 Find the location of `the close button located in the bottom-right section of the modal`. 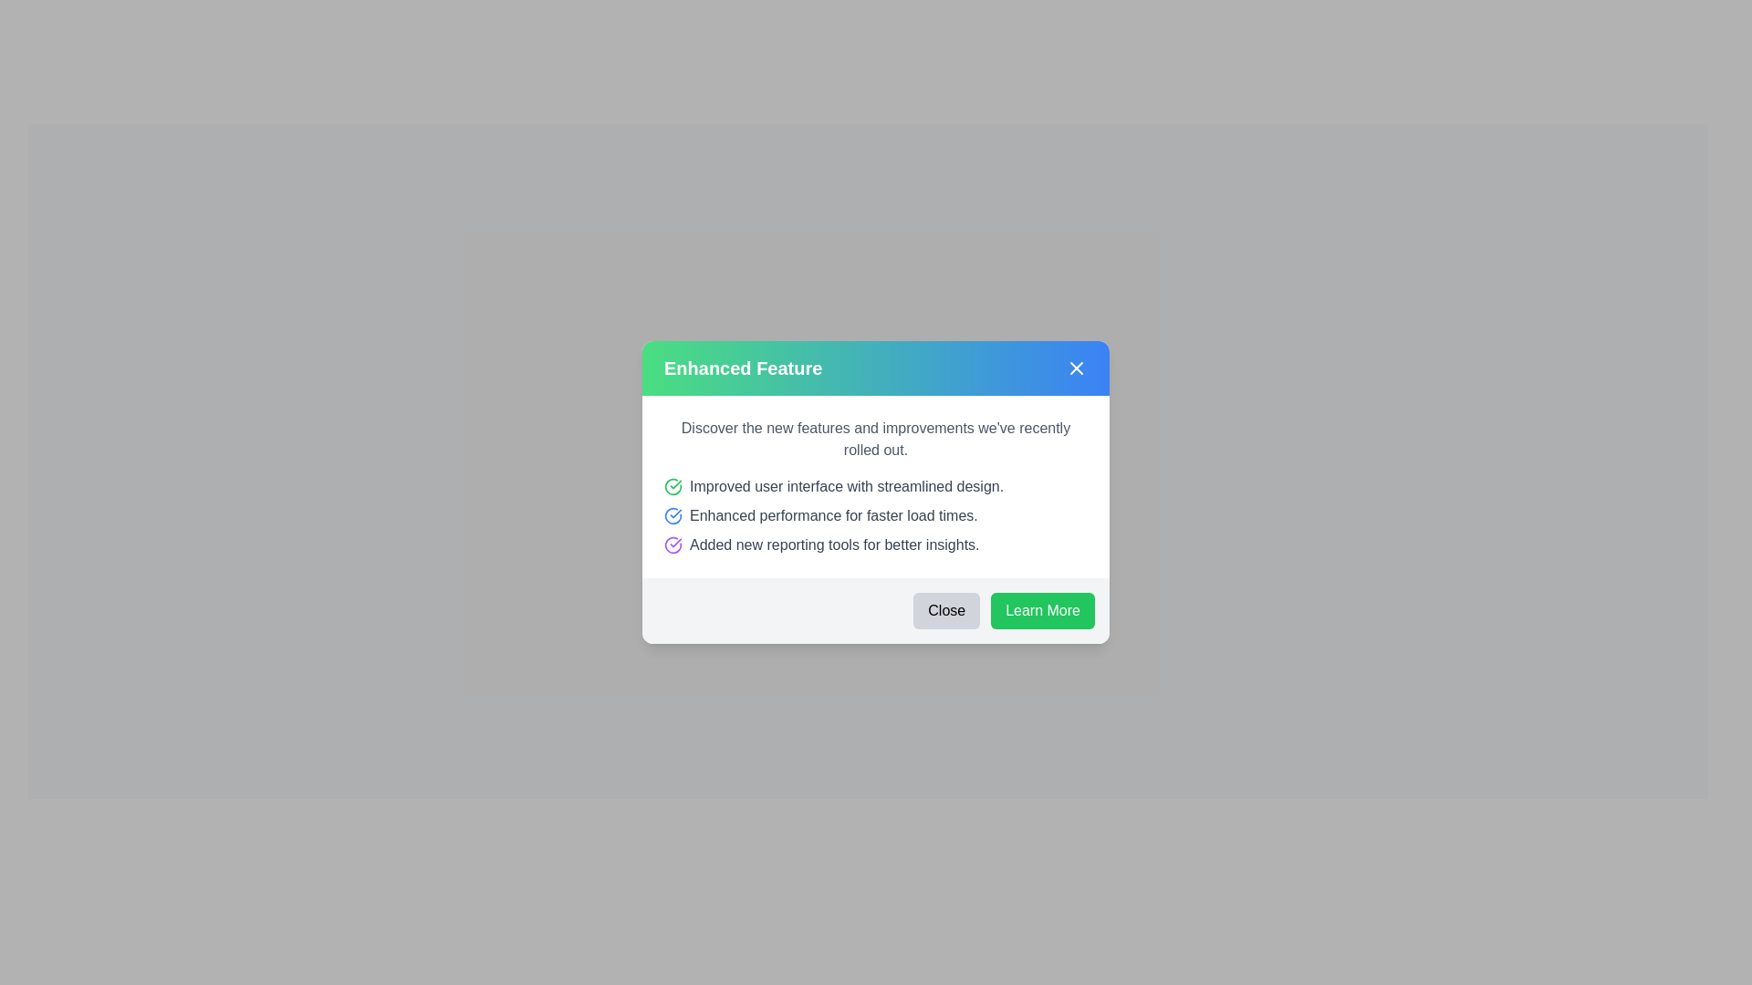

the close button located in the bottom-right section of the modal is located at coordinates (945, 611).